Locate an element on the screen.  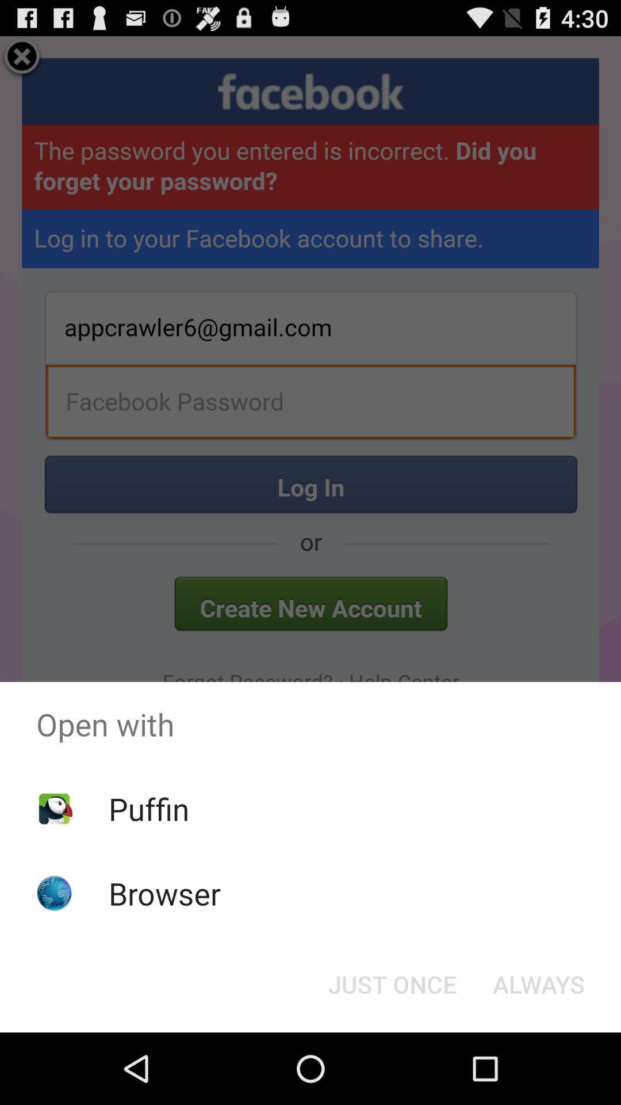
button to the left of the always is located at coordinates (392, 983).